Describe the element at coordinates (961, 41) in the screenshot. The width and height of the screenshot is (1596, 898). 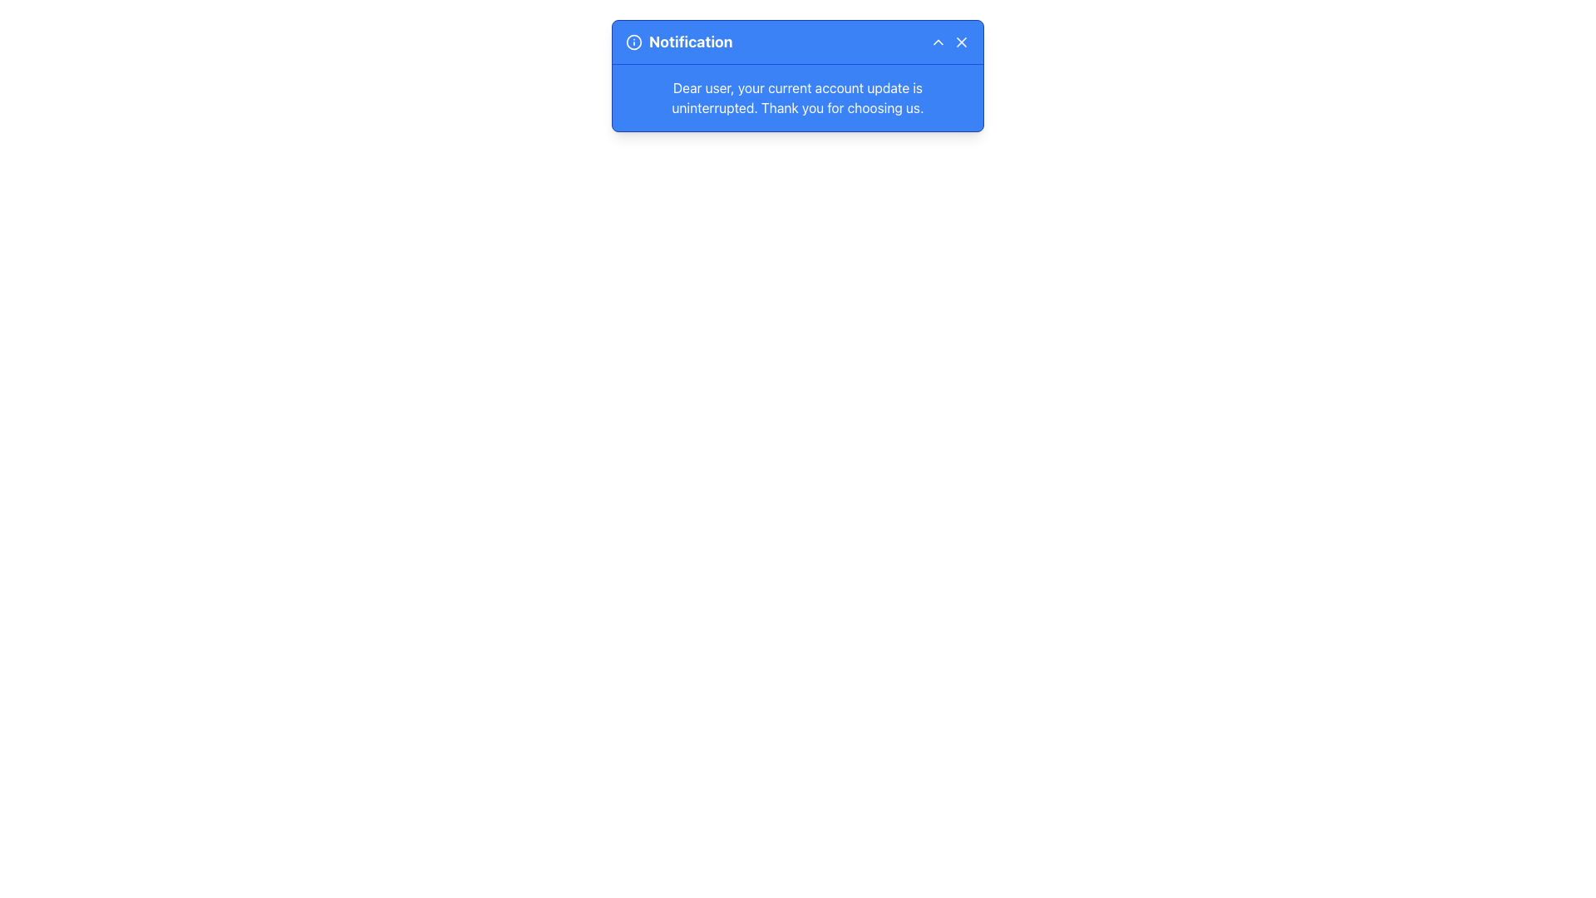
I see `the 'X' icon button located at the top-right corner of the blue notification box` at that location.